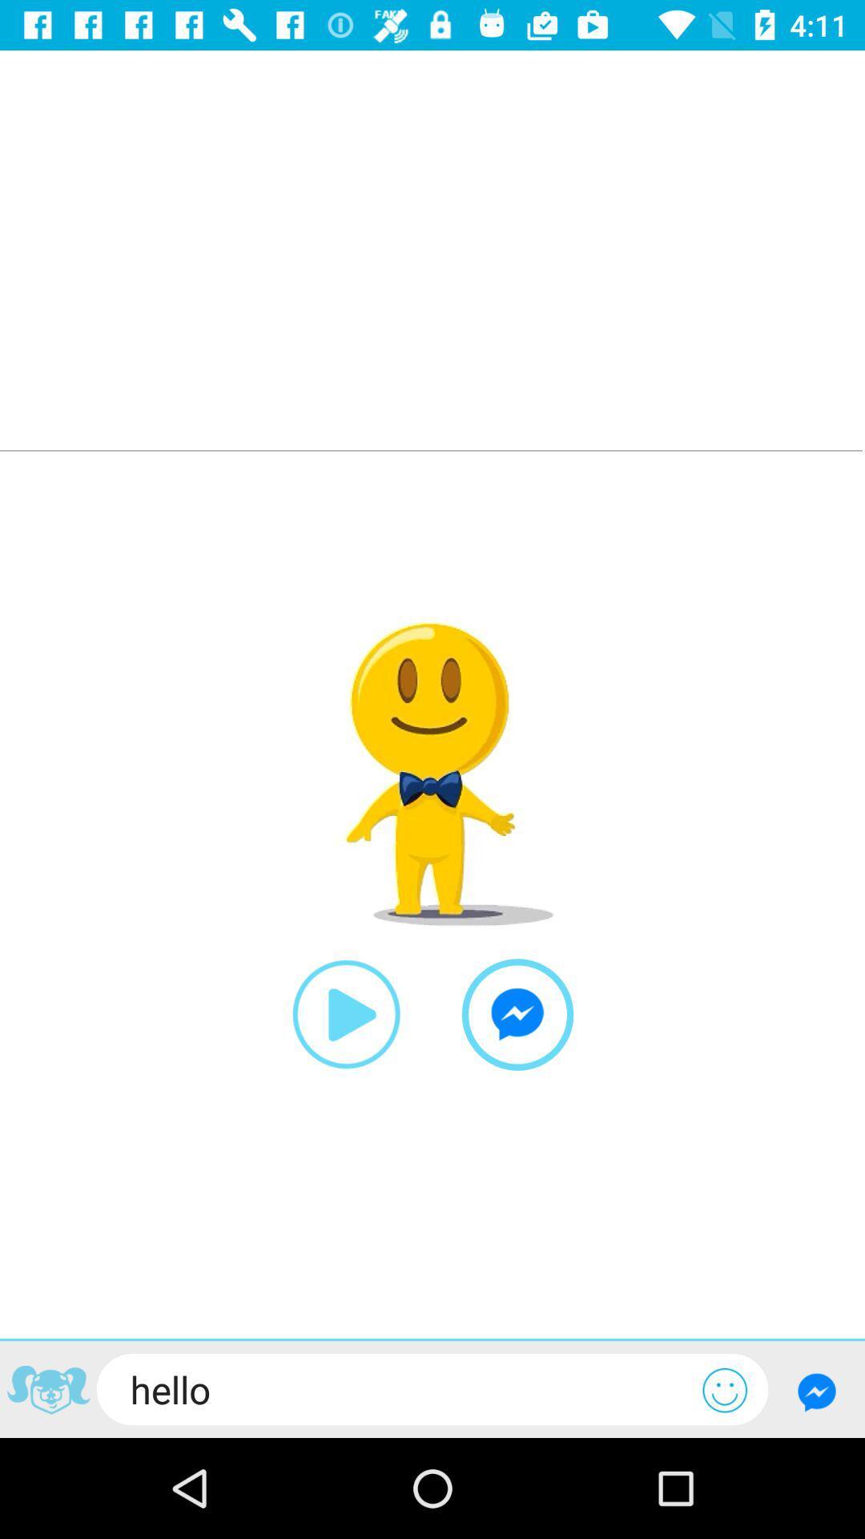  I want to click on emoji, so click(725, 1389).